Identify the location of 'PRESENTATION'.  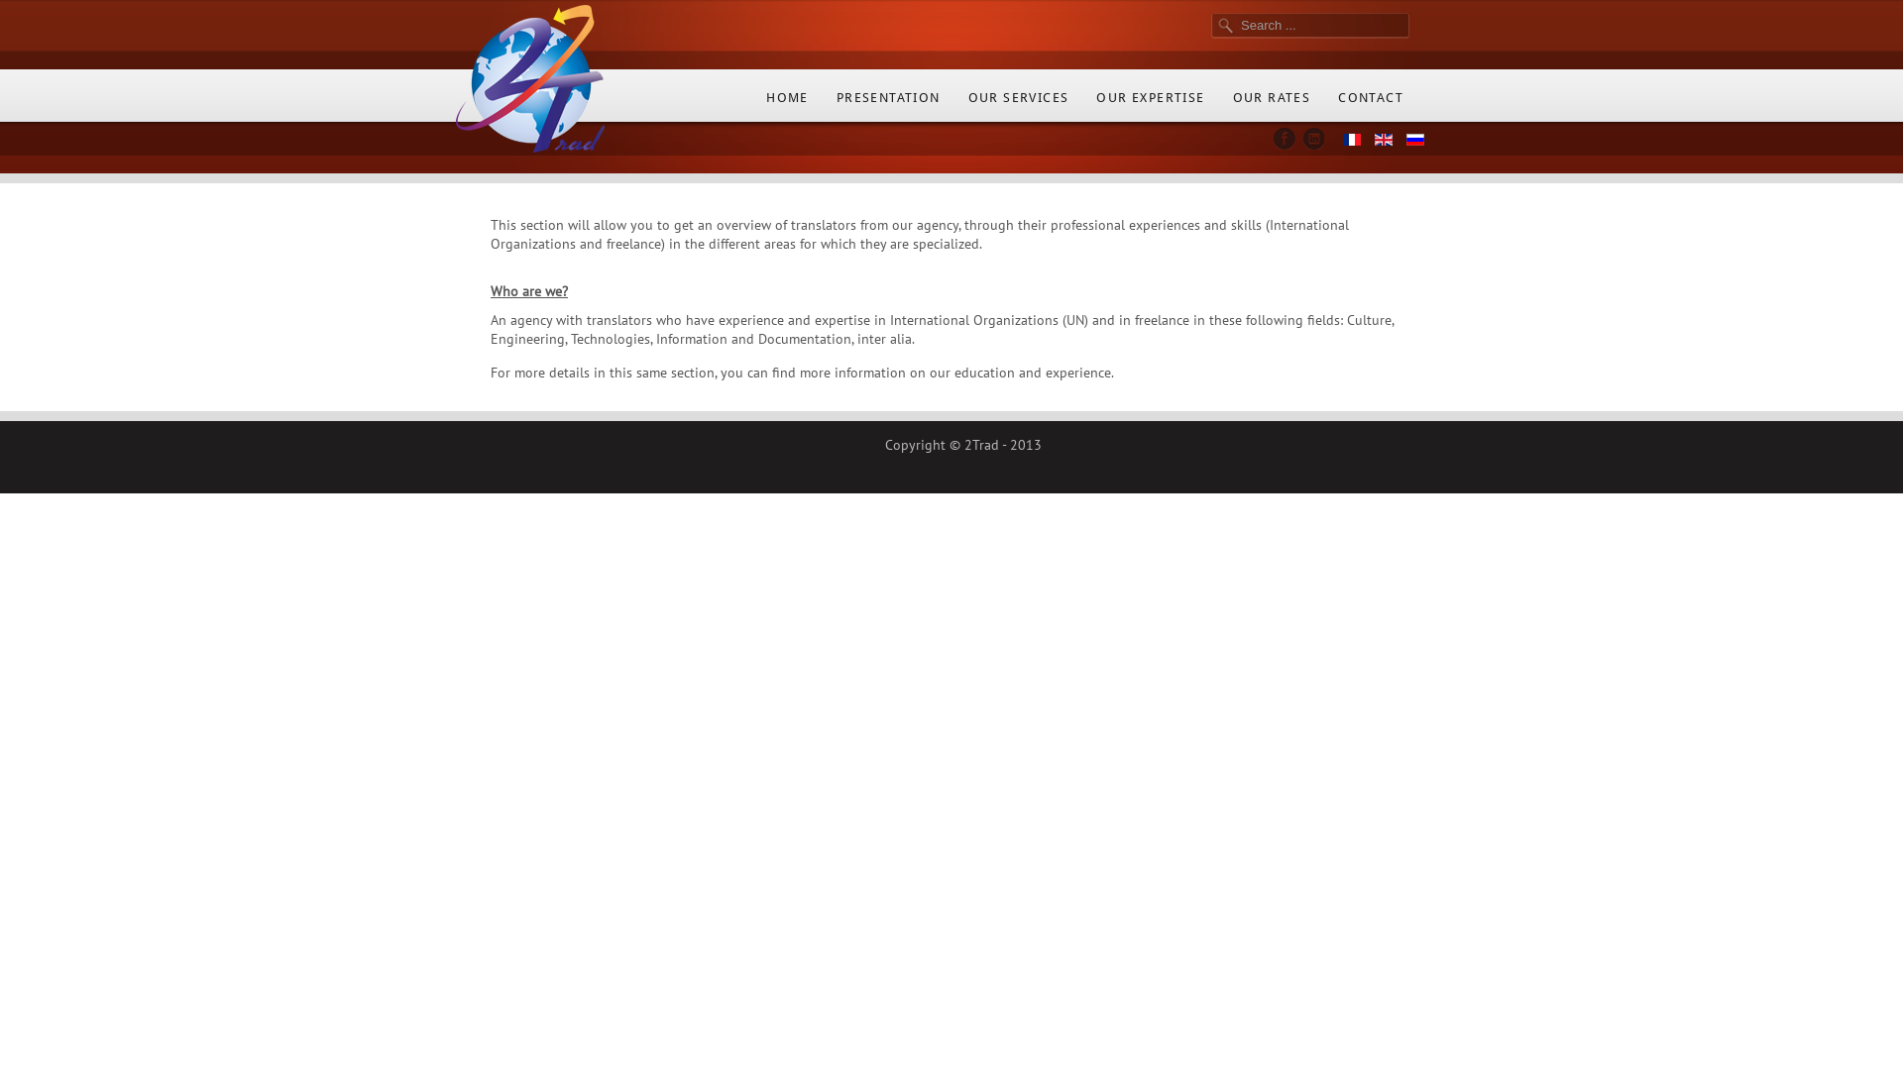
(887, 103).